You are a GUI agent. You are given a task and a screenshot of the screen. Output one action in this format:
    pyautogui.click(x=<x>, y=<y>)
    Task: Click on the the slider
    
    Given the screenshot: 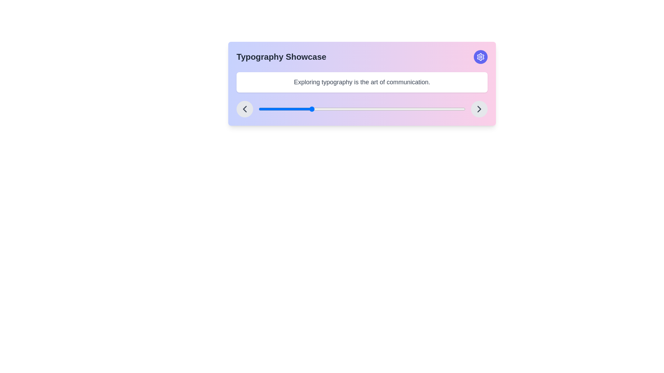 What is the action you would take?
    pyautogui.click(x=396, y=109)
    